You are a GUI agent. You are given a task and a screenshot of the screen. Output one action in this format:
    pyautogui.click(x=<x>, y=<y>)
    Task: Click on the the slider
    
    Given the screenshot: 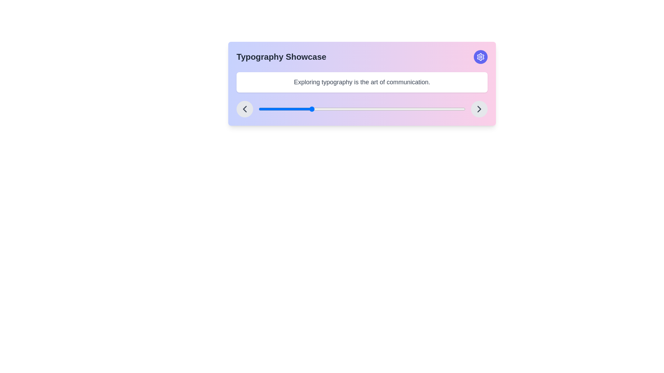 What is the action you would take?
    pyautogui.click(x=396, y=109)
    